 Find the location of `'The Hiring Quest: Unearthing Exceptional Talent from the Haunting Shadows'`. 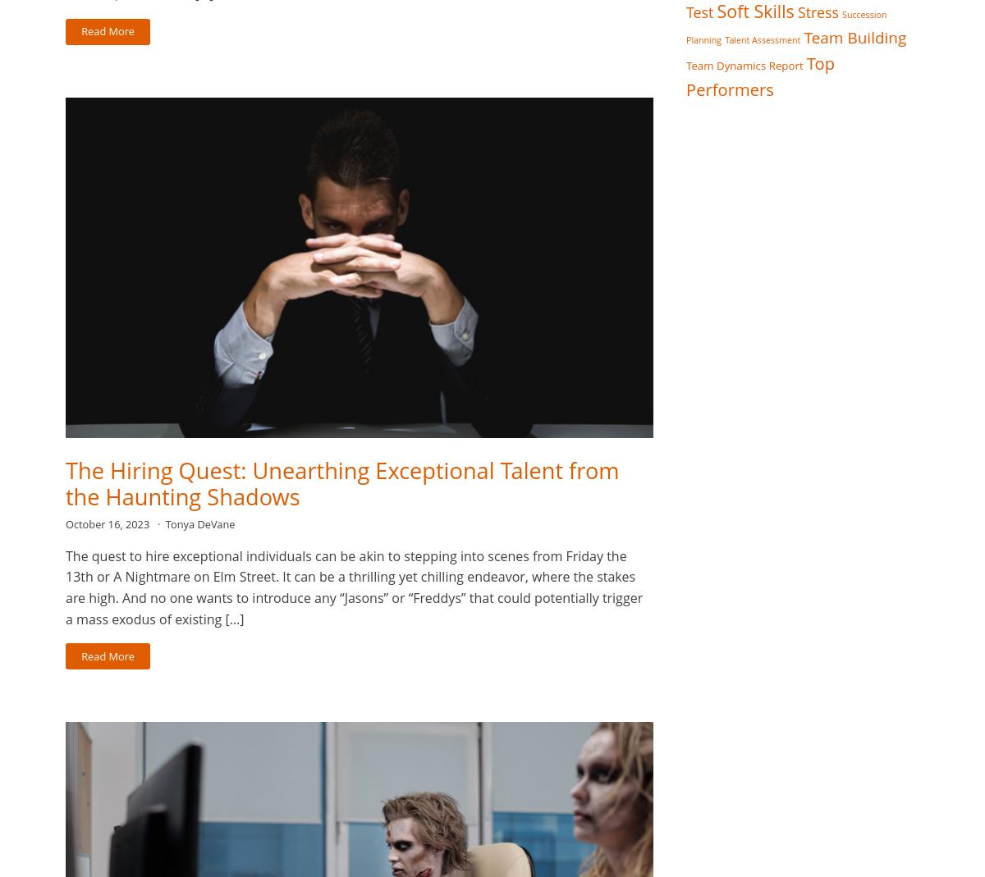

'The Hiring Quest: Unearthing Exceptional Talent from the Haunting Shadows' is located at coordinates (66, 483).